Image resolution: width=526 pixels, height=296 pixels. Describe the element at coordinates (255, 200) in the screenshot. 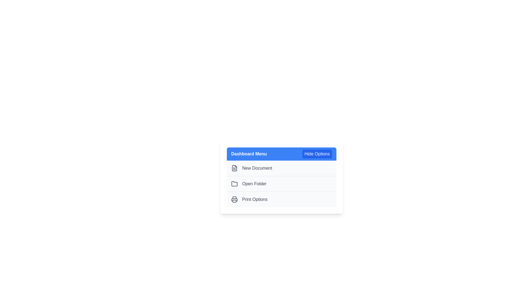

I see `label that describes the printer option in the menu, located in the lower section of the vertical menu panel within the pop-up` at that location.